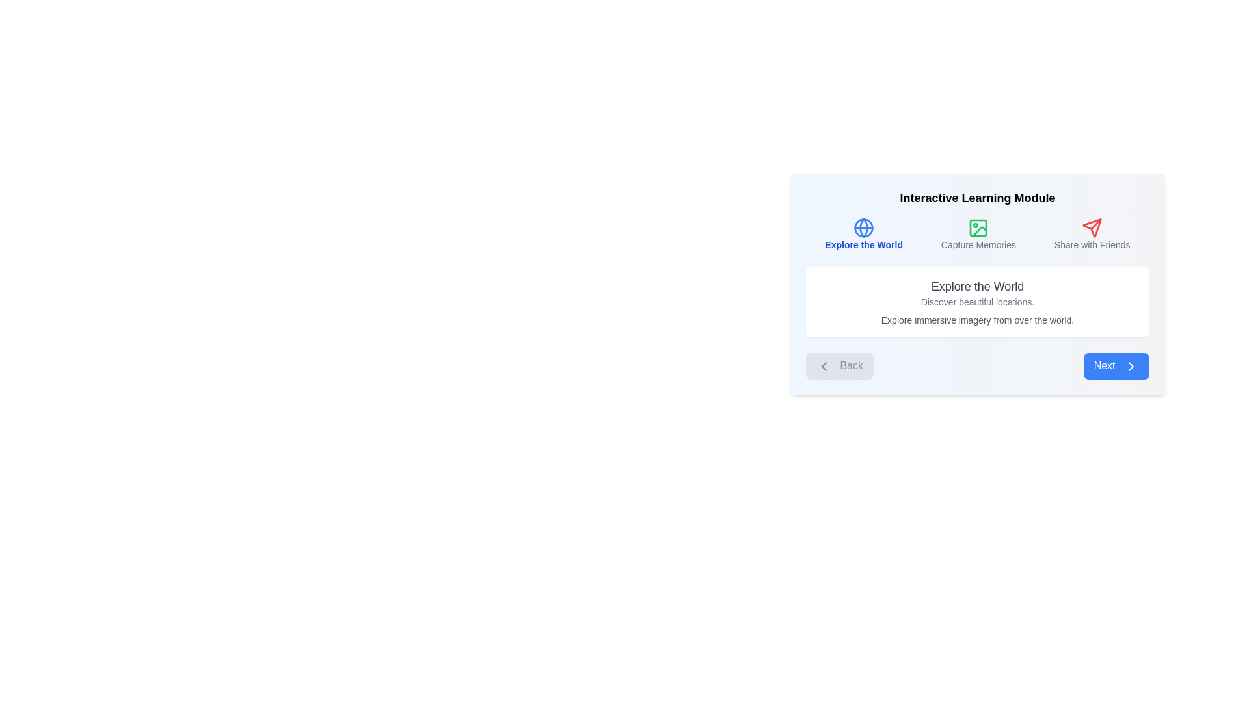  Describe the element at coordinates (864, 245) in the screenshot. I see `the text label that reads 'Explore the World', which is styled in a small-sized, bold blue font and positioned below a globe icon on the left side of the interface` at that location.